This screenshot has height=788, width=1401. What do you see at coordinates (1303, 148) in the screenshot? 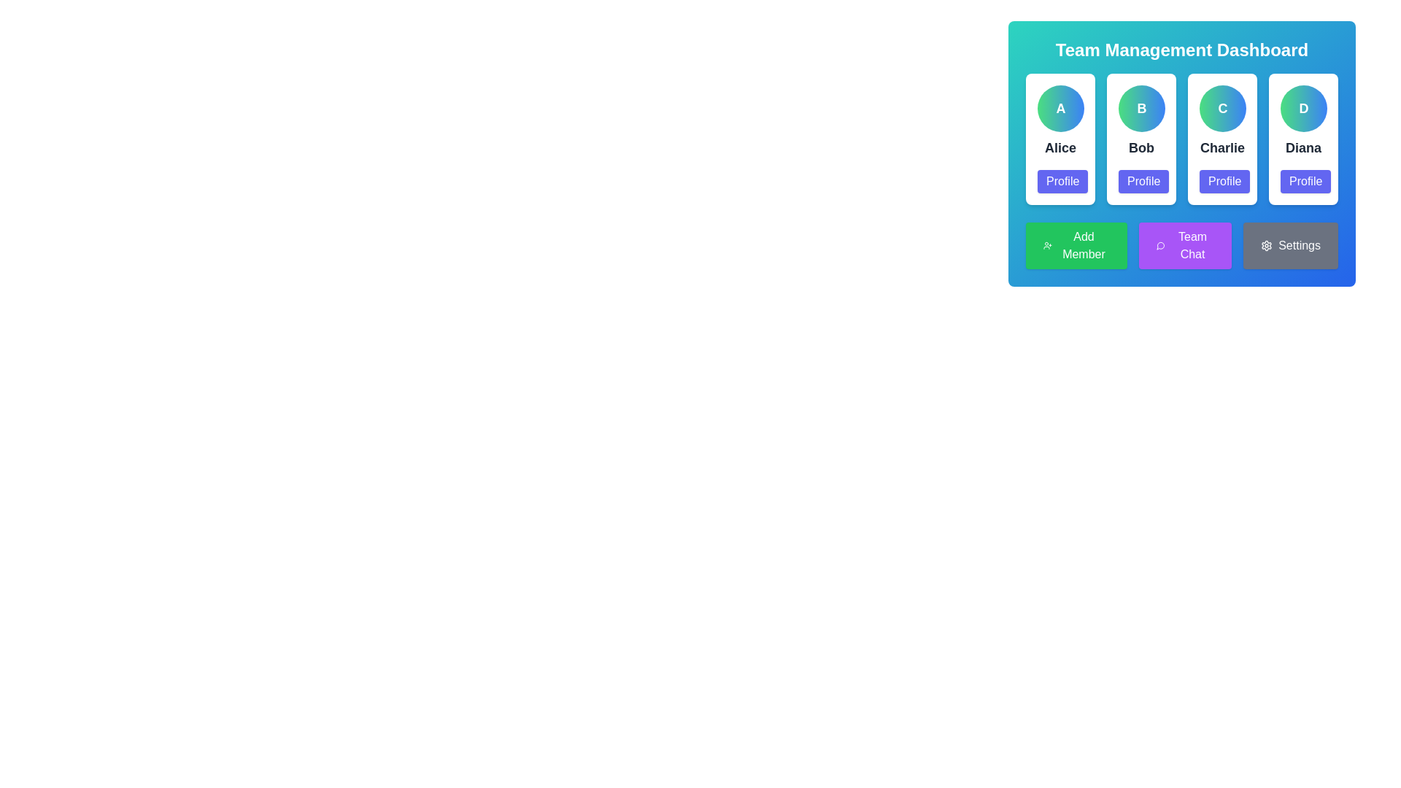
I see `the text label that identifies the user or team member in the fourth profile card from the left, positioned below the circular profile letter 'D' and above the 'Profile' button` at bounding box center [1303, 148].